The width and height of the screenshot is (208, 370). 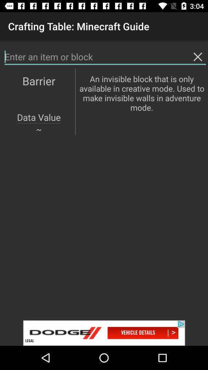 I want to click on advertisement page, so click(x=104, y=333).